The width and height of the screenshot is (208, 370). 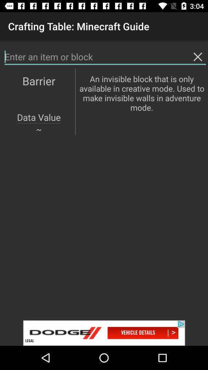 I want to click on advertisement page, so click(x=104, y=333).